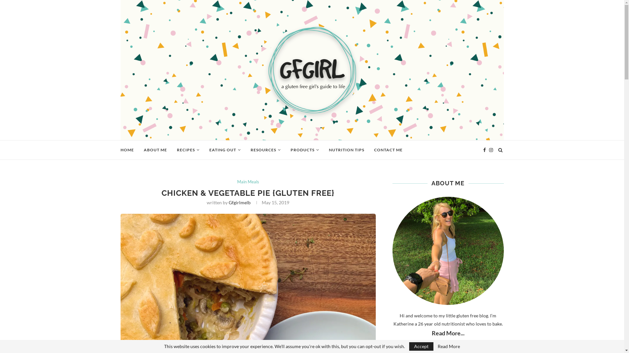  What do you see at coordinates (421, 346) in the screenshot?
I see `'Accept'` at bounding box center [421, 346].